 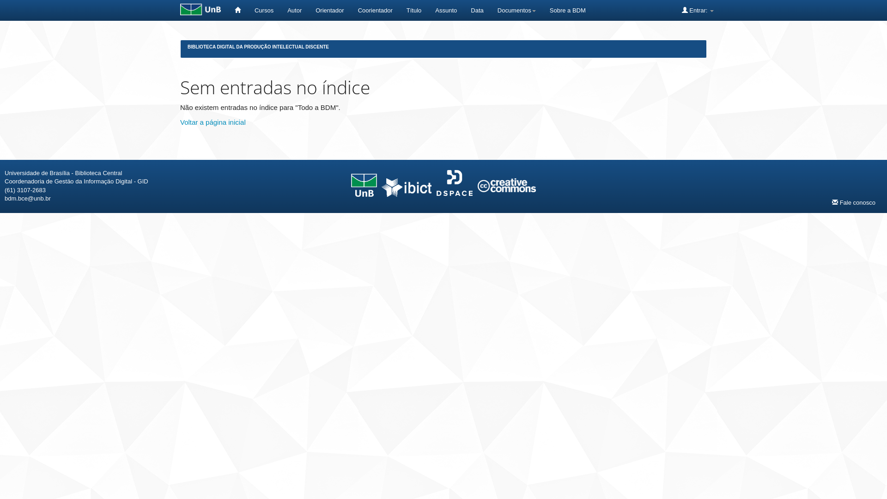 I want to click on 'Data', so click(x=477, y=10).